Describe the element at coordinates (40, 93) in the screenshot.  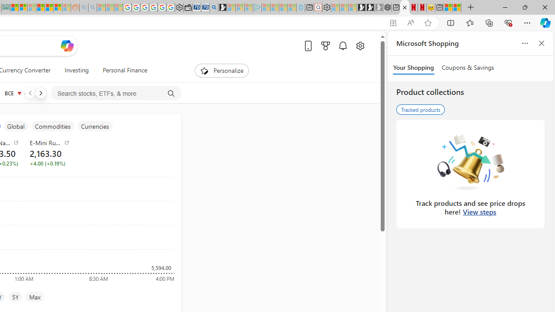
I see `'Next'` at that location.